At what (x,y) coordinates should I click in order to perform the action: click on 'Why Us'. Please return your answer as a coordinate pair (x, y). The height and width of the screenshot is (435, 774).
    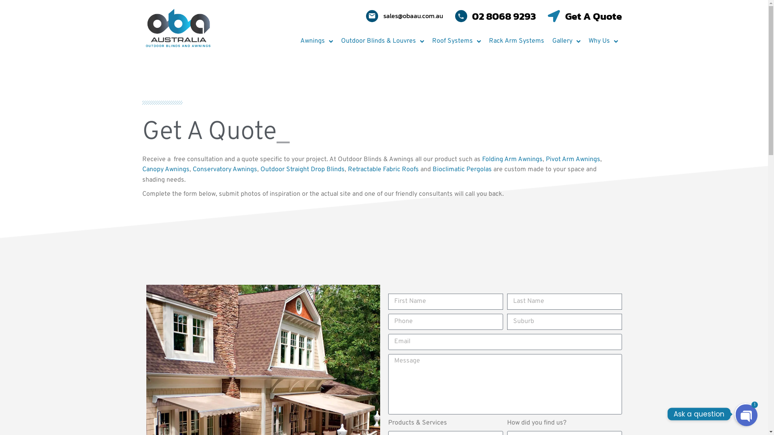
    Looking at the image, I should click on (603, 41).